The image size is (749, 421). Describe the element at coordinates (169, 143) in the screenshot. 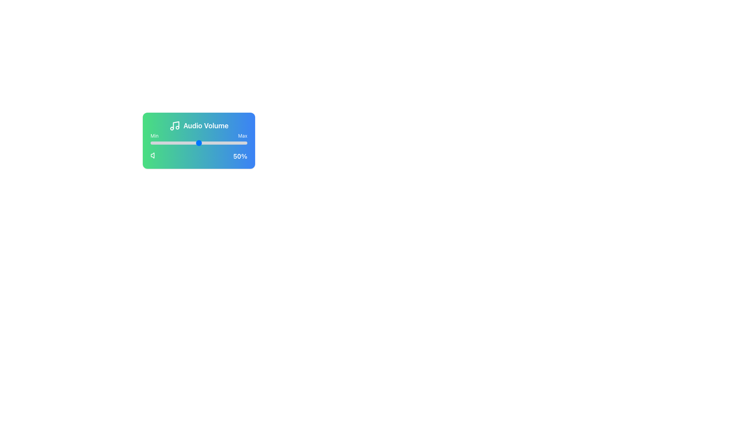

I see `the slider` at that location.